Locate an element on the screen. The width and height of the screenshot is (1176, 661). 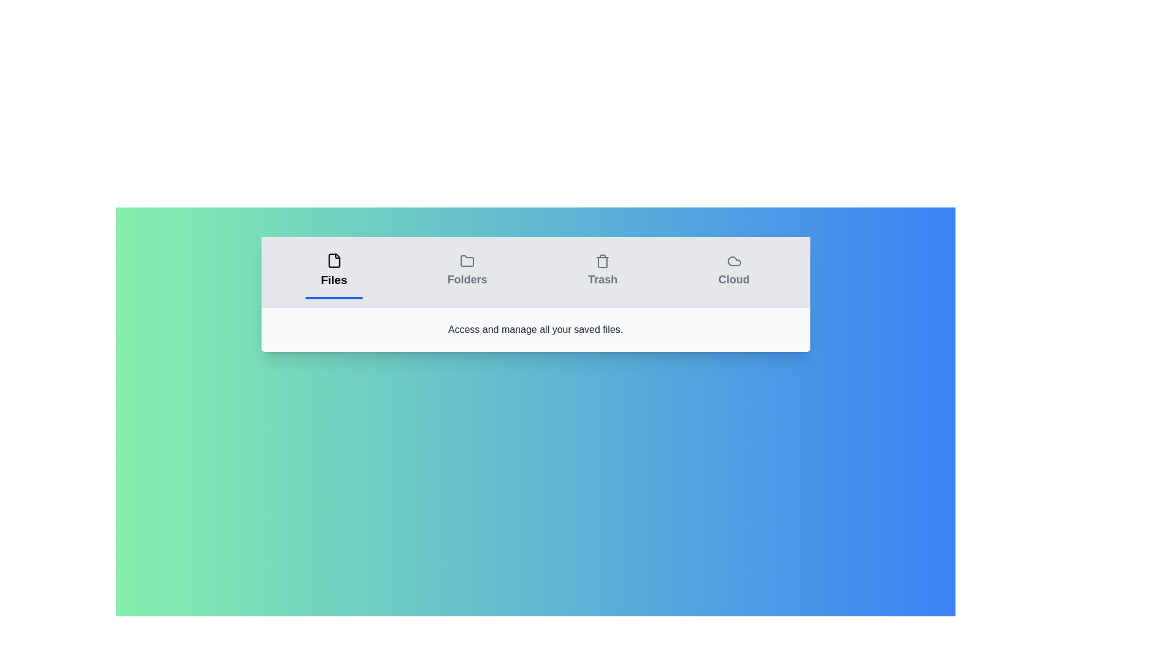
the Cloud tab by clicking on its button is located at coordinates (734, 271).